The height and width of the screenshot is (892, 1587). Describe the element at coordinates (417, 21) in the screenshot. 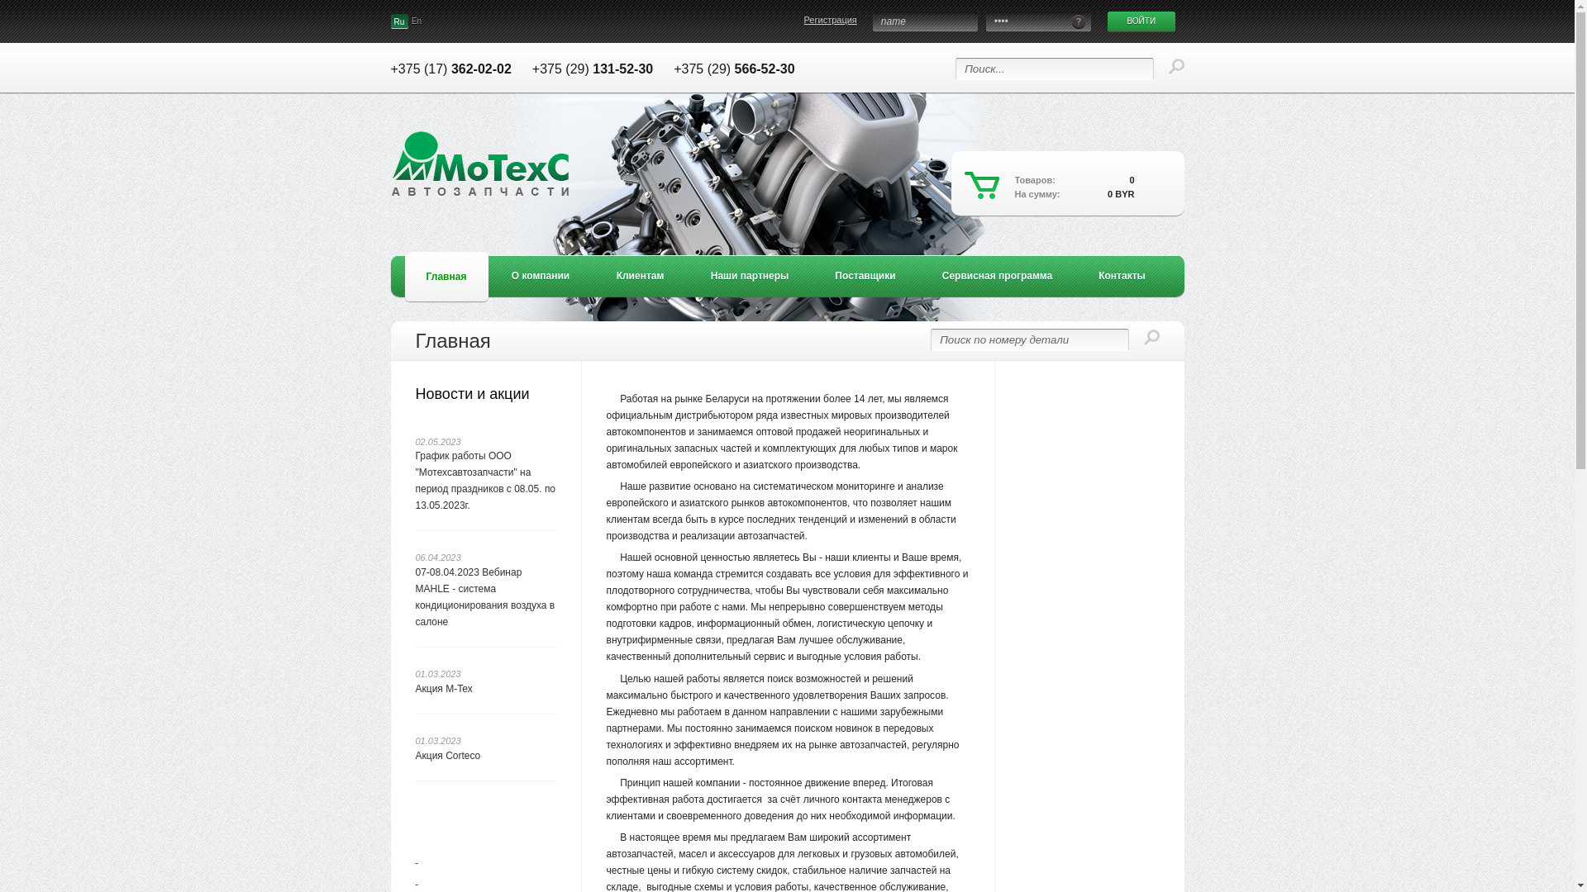

I see `'En'` at that location.